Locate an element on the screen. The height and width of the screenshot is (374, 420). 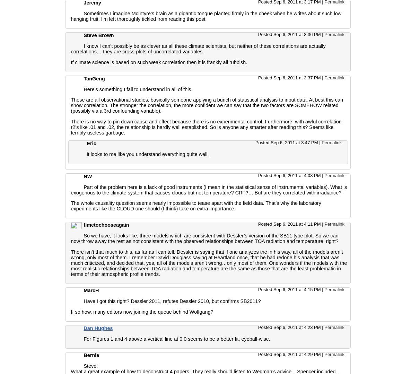
'MarcH' is located at coordinates (91, 290).